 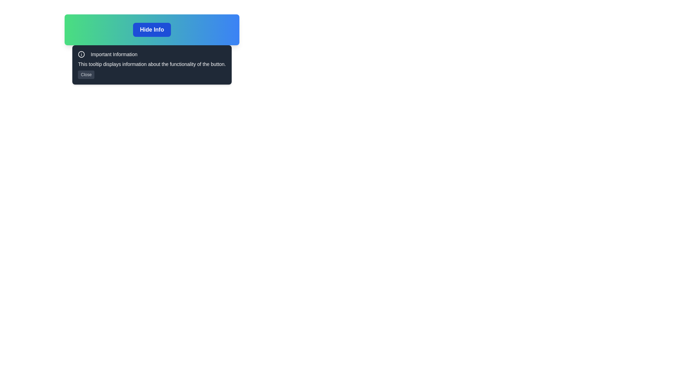 I want to click on information displayed in the tooltip below the 'Hide Info' button, which contains the heading 'Important Information' and descriptive text about the button's functionality, so click(x=151, y=65).